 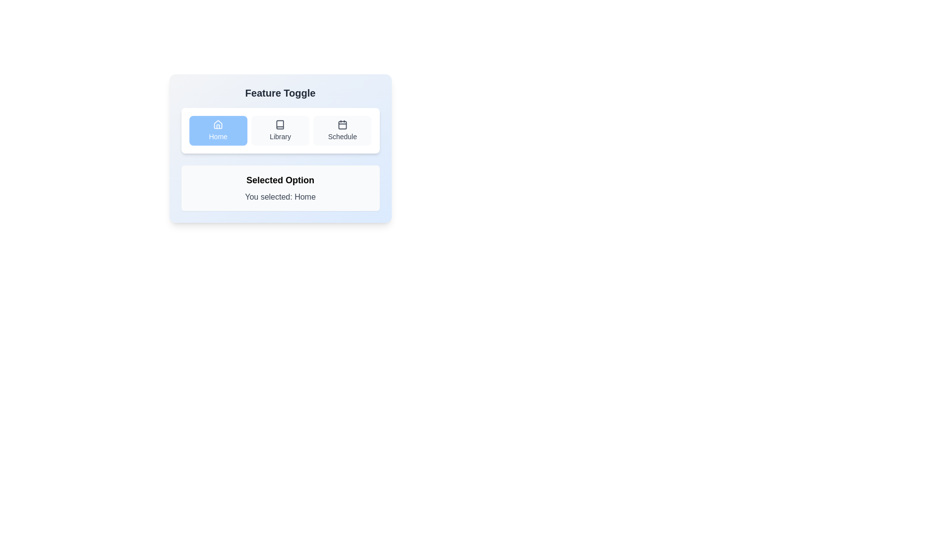 What do you see at coordinates (280, 130) in the screenshot?
I see `the 'Library' button in the horizontal navigation bar to switch to the library section of the application` at bounding box center [280, 130].